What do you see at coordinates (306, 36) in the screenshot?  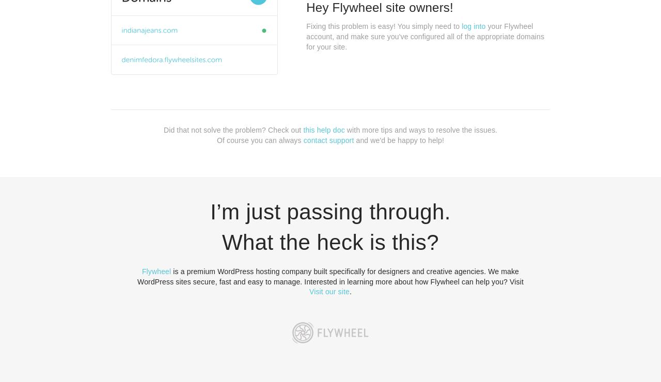 I see `'your Flywheel account, and make sure you've configured all of the appropriate domains for your site.'` at bounding box center [306, 36].